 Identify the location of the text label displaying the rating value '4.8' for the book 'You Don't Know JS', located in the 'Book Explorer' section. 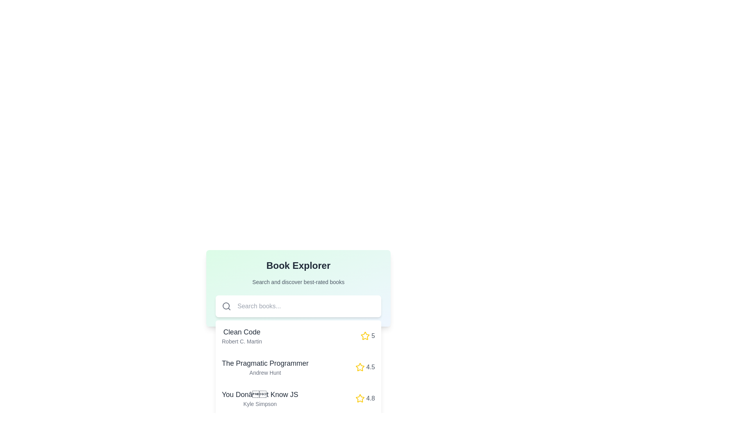
(370, 398).